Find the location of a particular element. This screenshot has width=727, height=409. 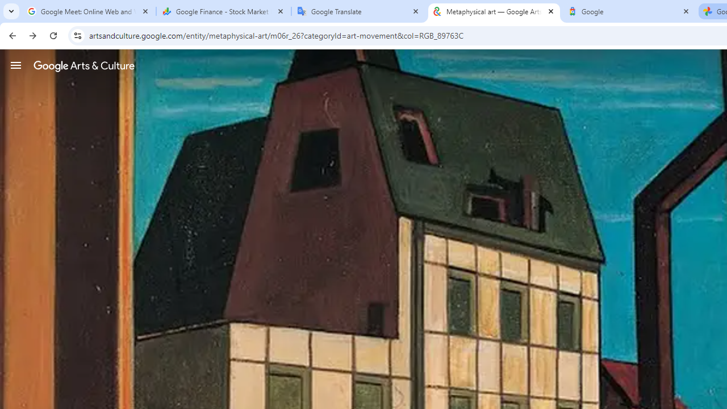

'Google Arts & Culture' is located at coordinates (83, 65).